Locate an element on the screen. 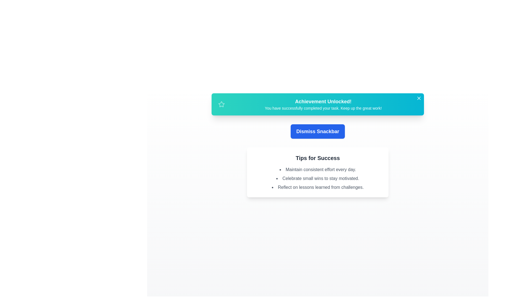  the screen background to interact with the container is located at coordinates (110, 111).